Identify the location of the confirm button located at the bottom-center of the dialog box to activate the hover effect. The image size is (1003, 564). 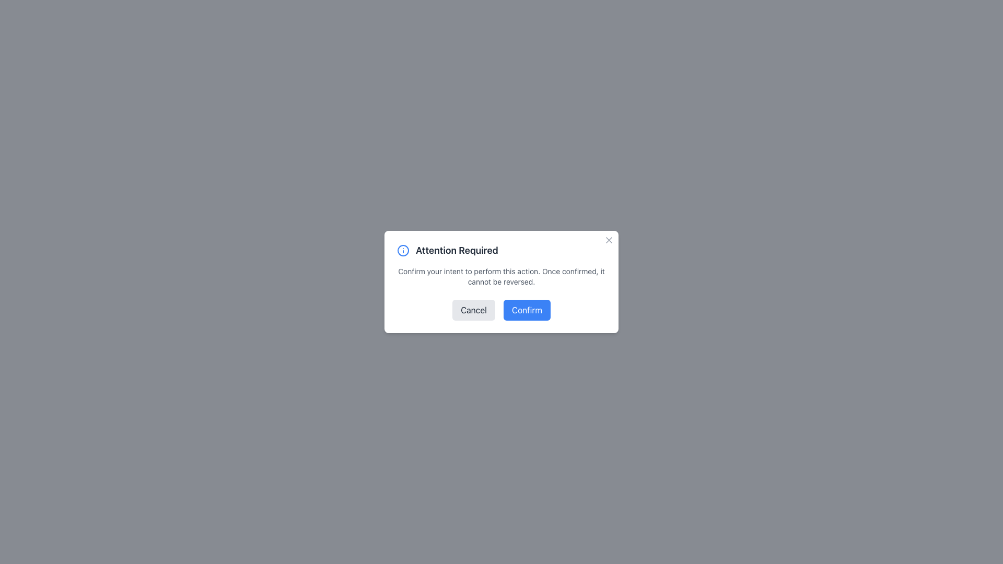
(527, 310).